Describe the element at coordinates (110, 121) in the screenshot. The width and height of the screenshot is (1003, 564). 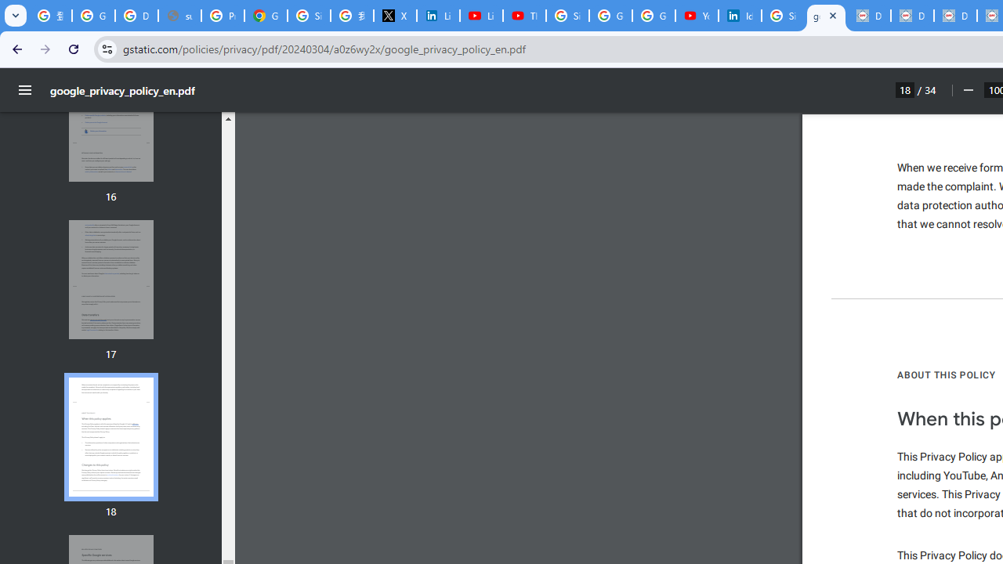
I see `'Thumbnail for page 16'` at that location.